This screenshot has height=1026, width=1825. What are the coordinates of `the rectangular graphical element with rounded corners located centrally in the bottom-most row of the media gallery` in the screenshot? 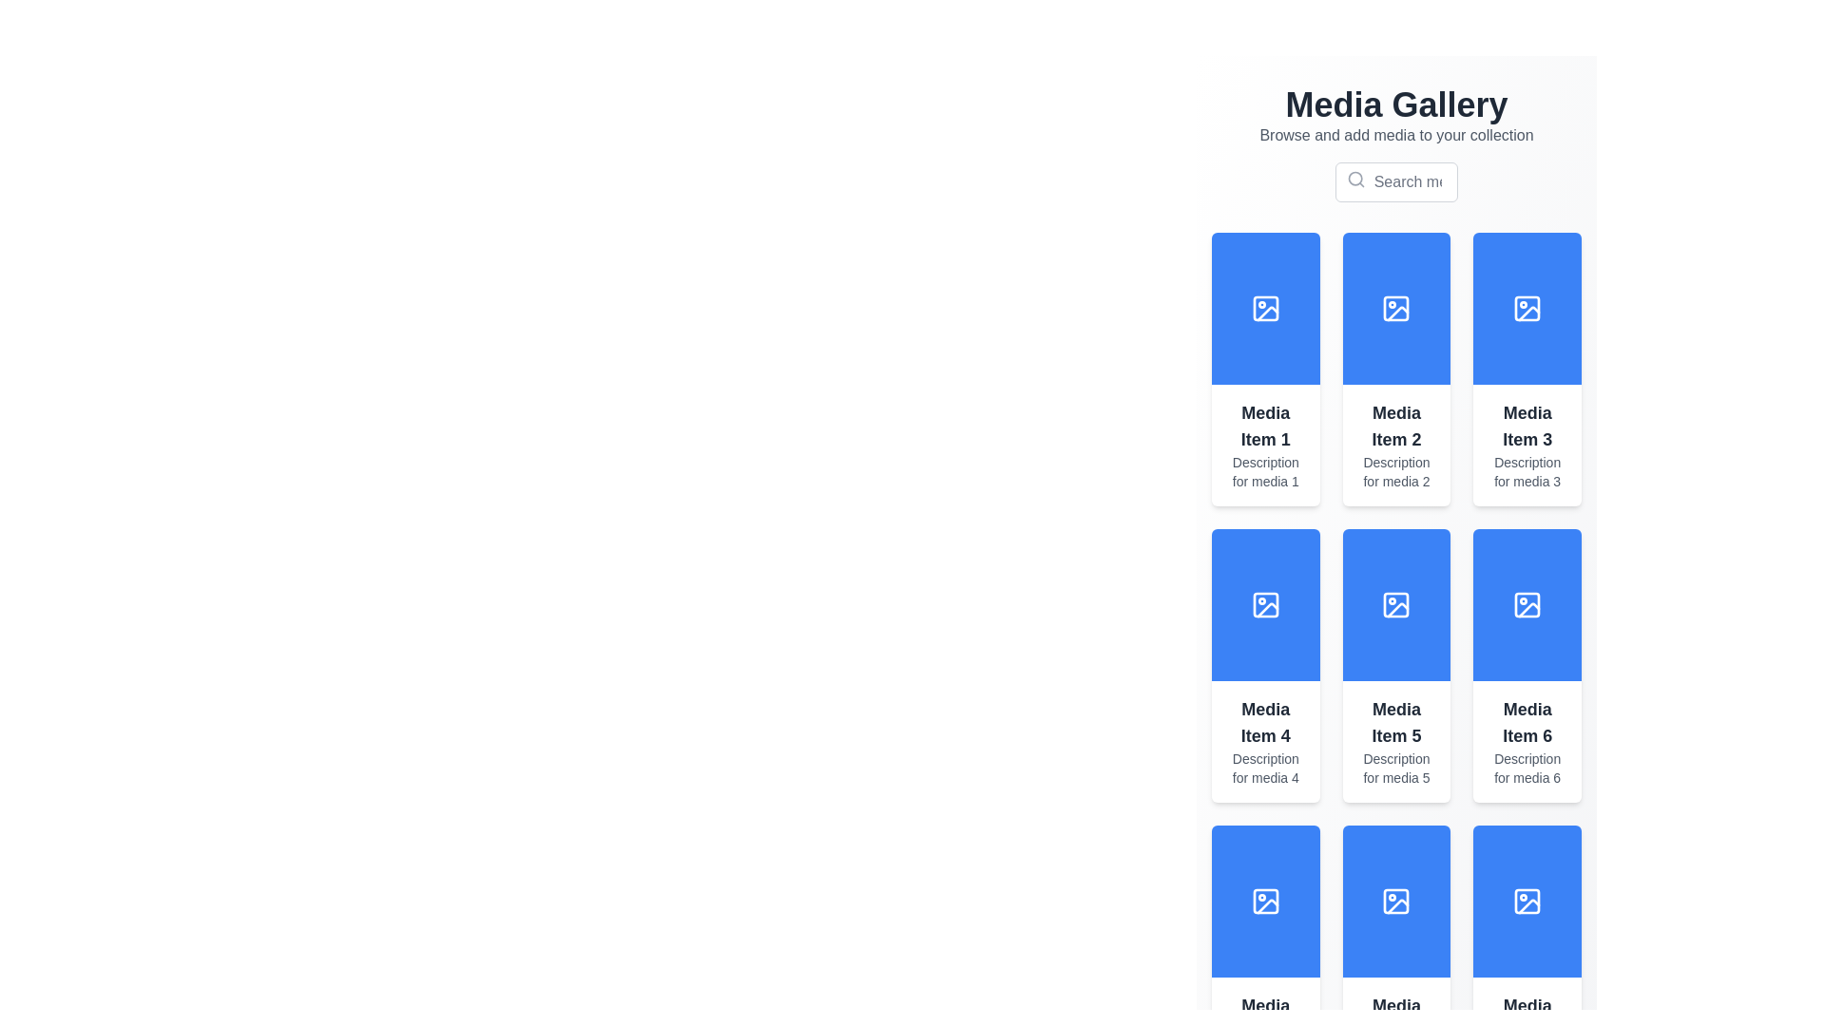 It's located at (1265, 900).